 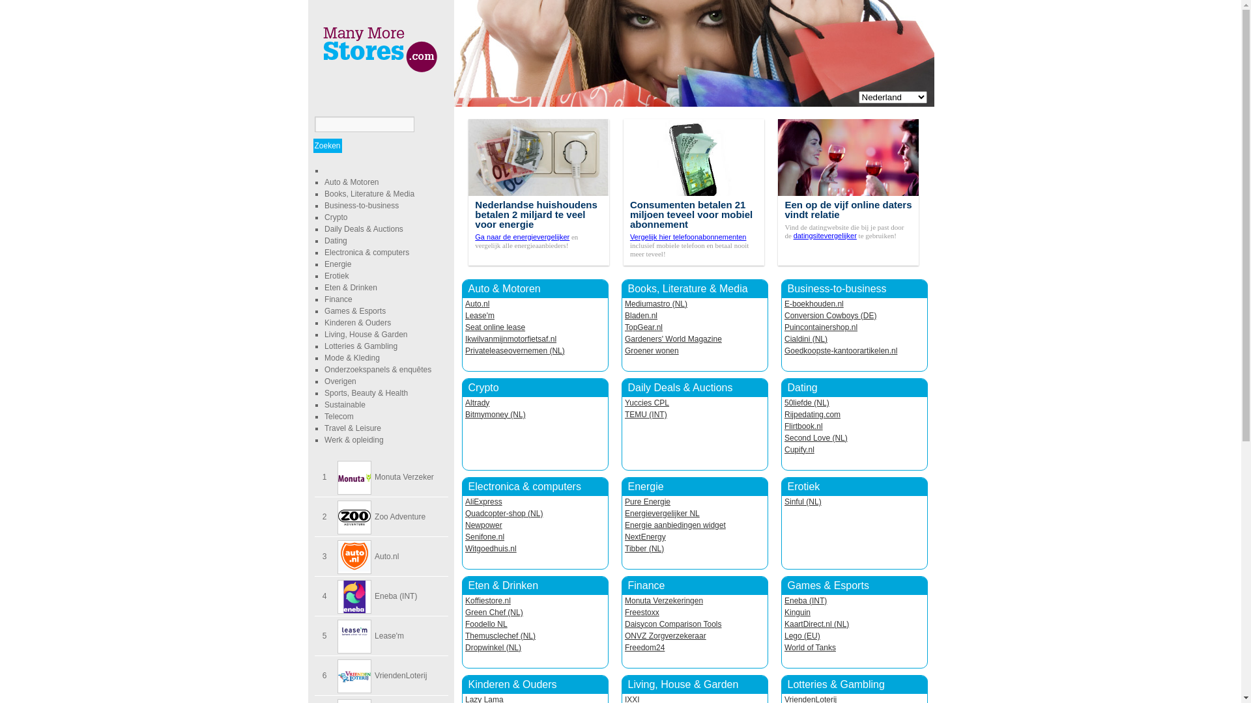 What do you see at coordinates (362, 205) in the screenshot?
I see `'Business-to-business'` at bounding box center [362, 205].